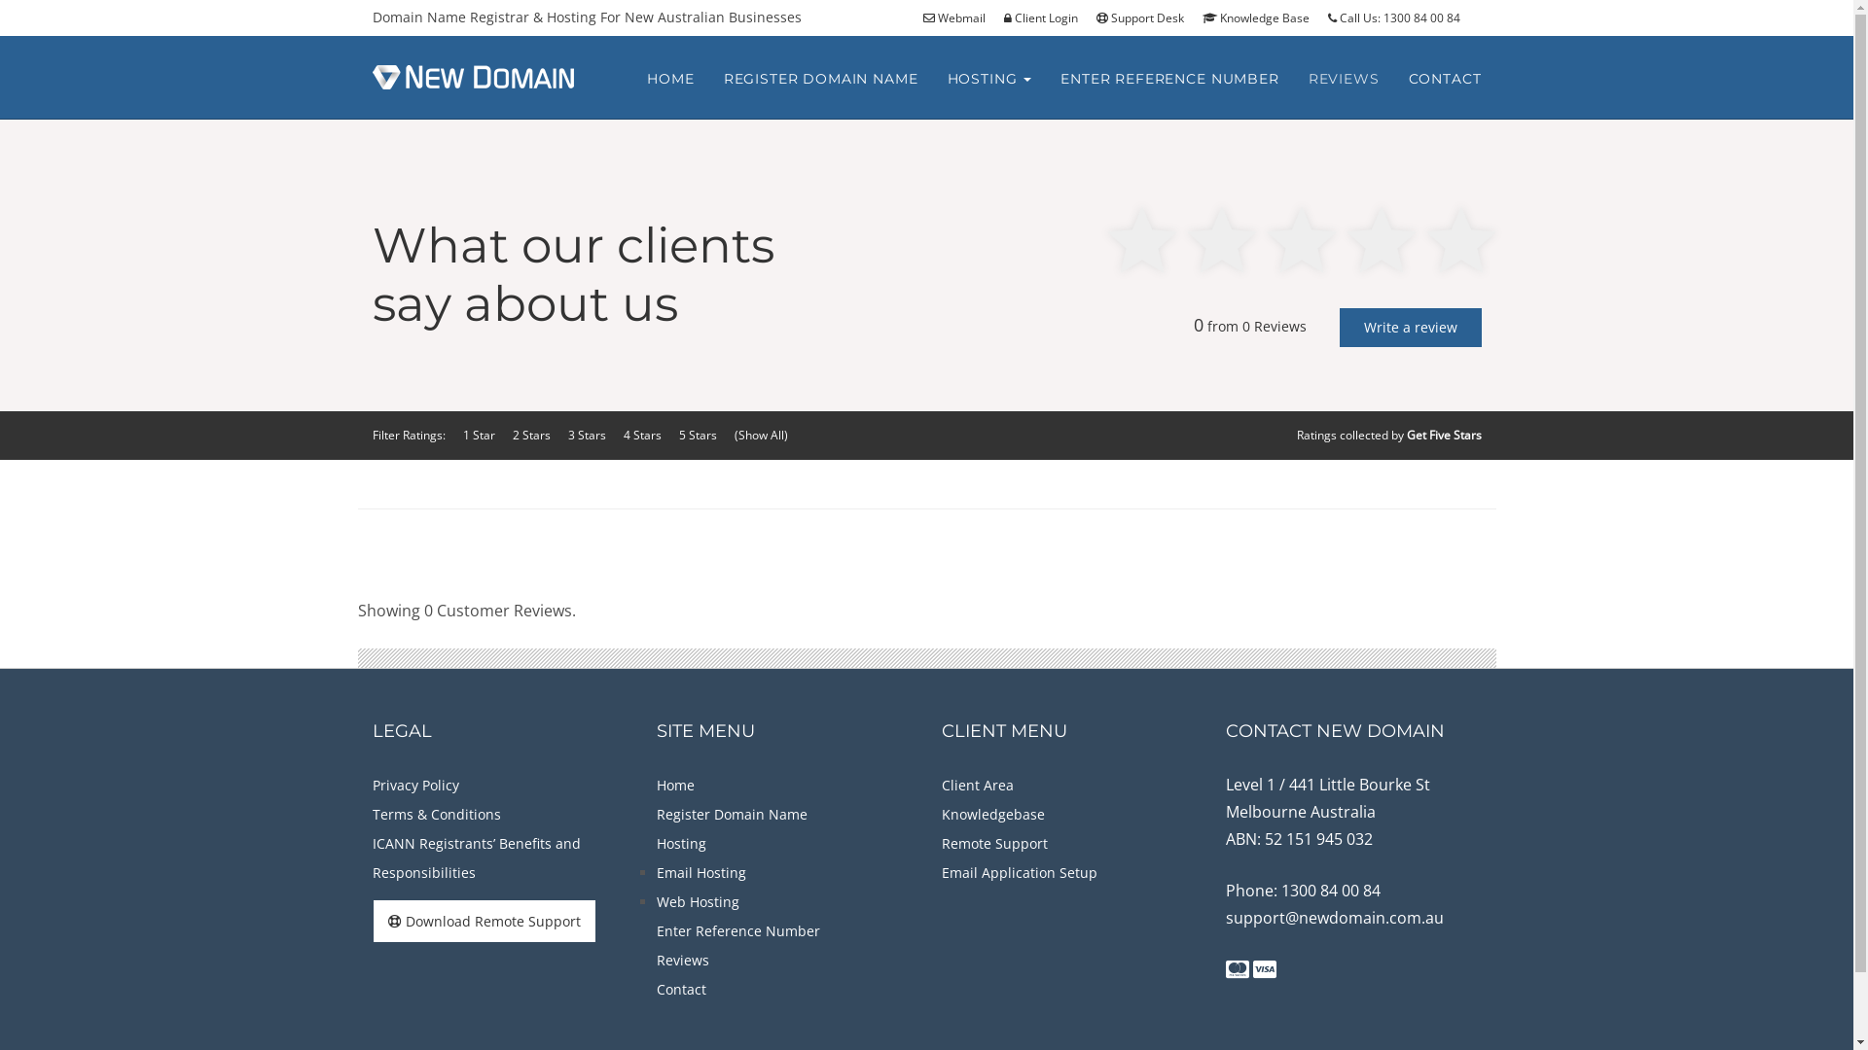  What do you see at coordinates (1399, 17) in the screenshot?
I see `'Call Us: 1300 84 00 84'` at bounding box center [1399, 17].